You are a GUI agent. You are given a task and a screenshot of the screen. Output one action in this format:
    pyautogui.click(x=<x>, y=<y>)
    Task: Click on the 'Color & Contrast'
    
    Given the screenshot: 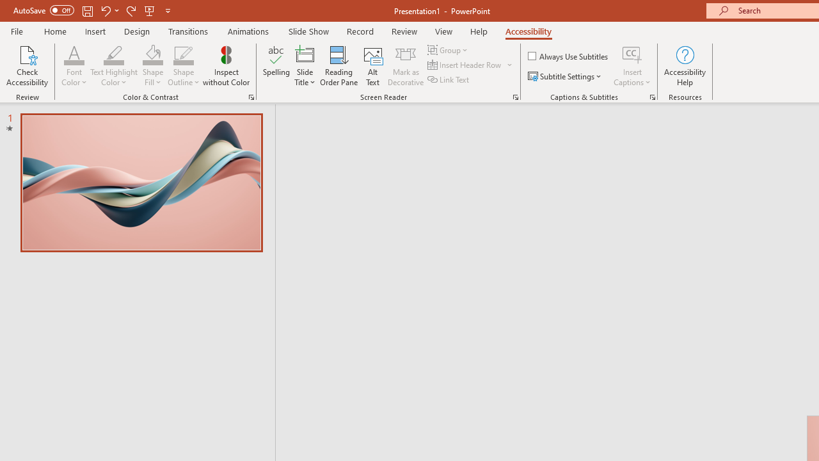 What is the action you would take?
    pyautogui.click(x=251, y=96)
    